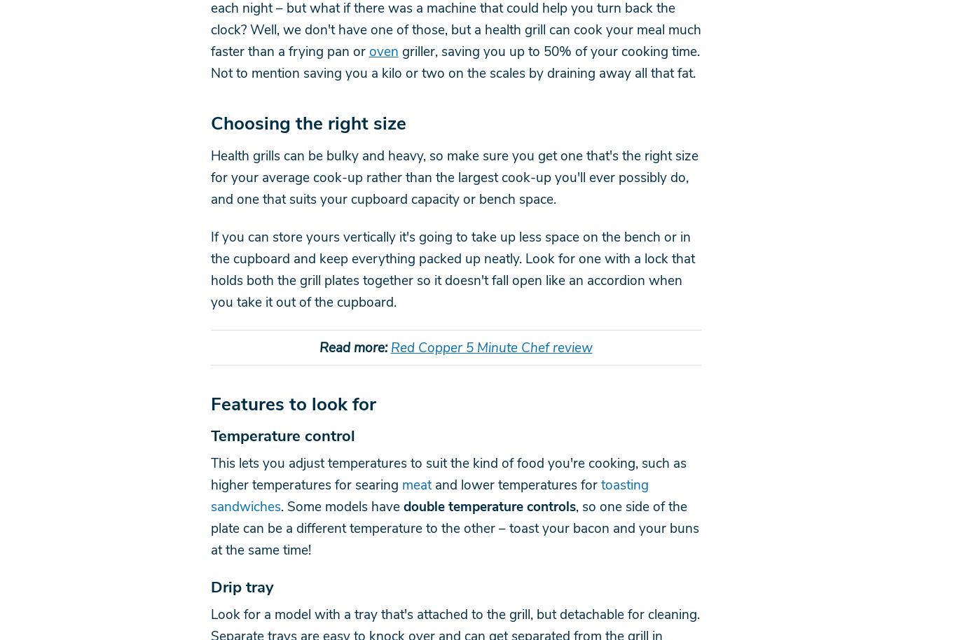  I want to click on 'Temperature control', so click(281, 435).